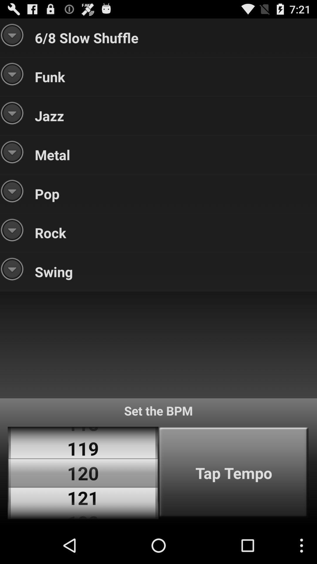 The width and height of the screenshot is (317, 564). Describe the element at coordinates (233, 473) in the screenshot. I see `app below the set the bpm icon` at that location.